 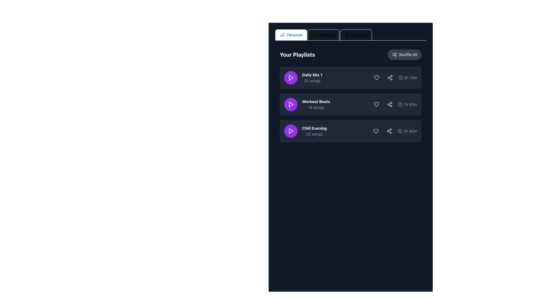 What do you see at coordinates (376, 78) in the screenshot?
I see `the heart-shaped icon located to the right of the 'Daily Mix 1' playlist` at bounding box center [376, 78].